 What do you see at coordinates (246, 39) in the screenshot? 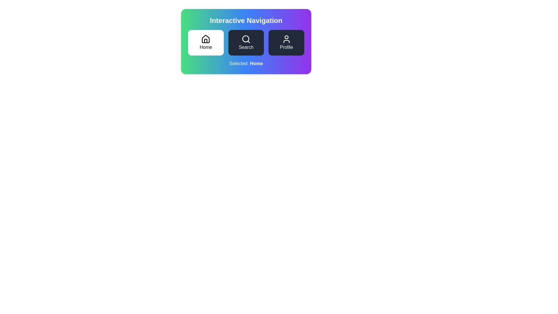
I see `the circular part of the 'Search' icon, which is located under the navigation bar's second option and is part of the SVG representation of the magnifying glass` at bounding box center [246, 39].